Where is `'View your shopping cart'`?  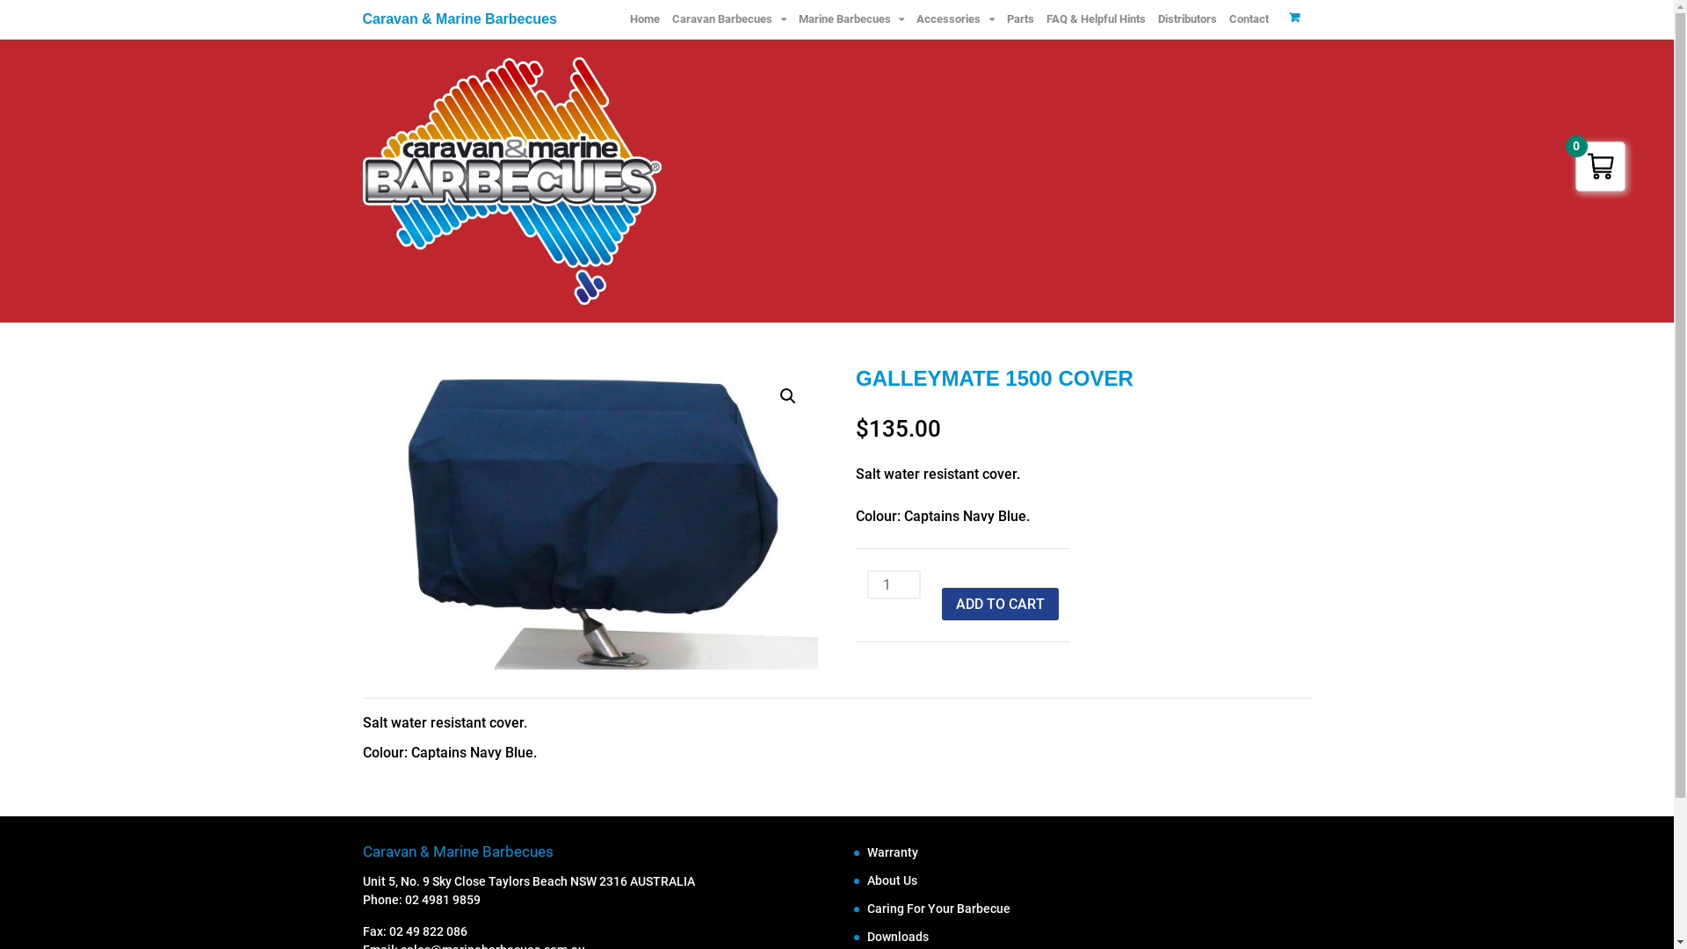 'View your shopping cart' is located at coordinates (1294, 17).